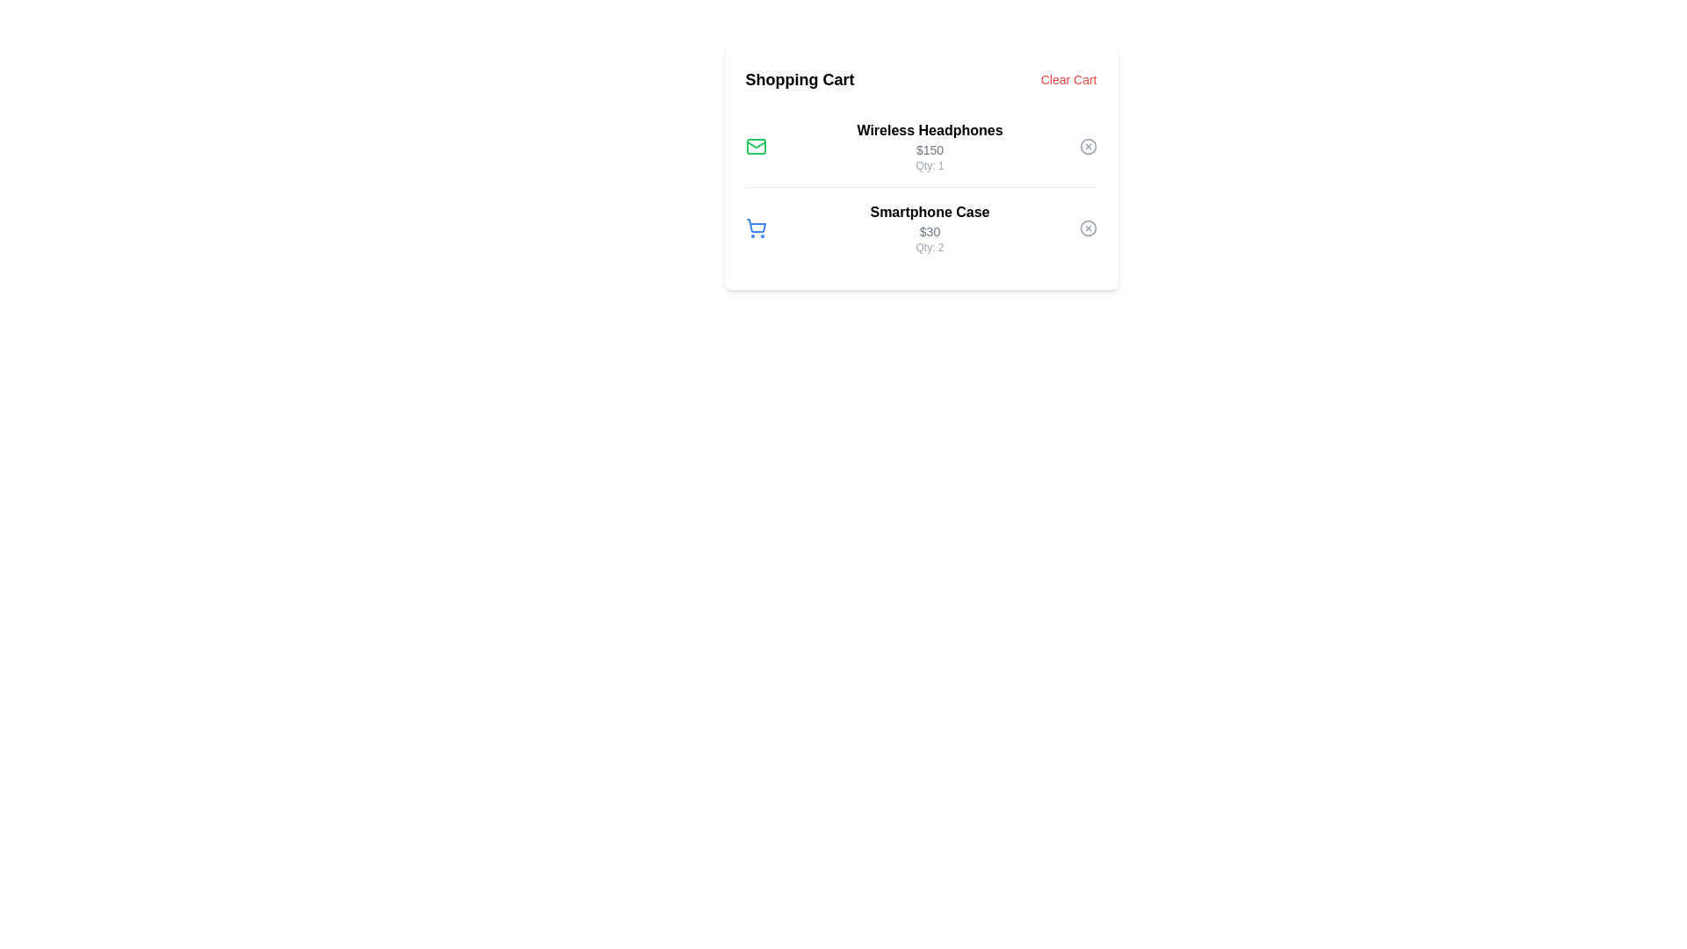  Describe the element at coordinates (756, 145) in the screenshot. I see `the email icon located to the left of the product title 'Wireless Headphones' in the shopping cart interface` at that location.